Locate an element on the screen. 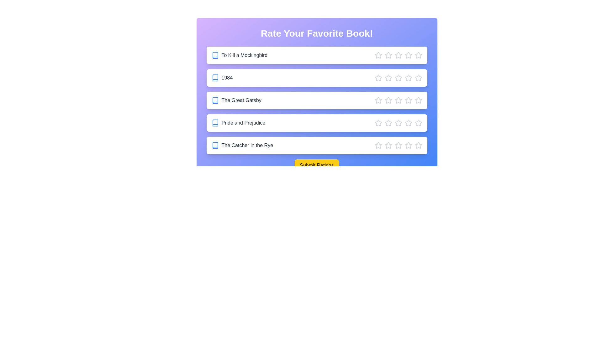 This screenshot has height=338, width=602. the star corresponding to 4 stars for the book 'To Kill a Mockingbird' is located at coordinates (408, 55).